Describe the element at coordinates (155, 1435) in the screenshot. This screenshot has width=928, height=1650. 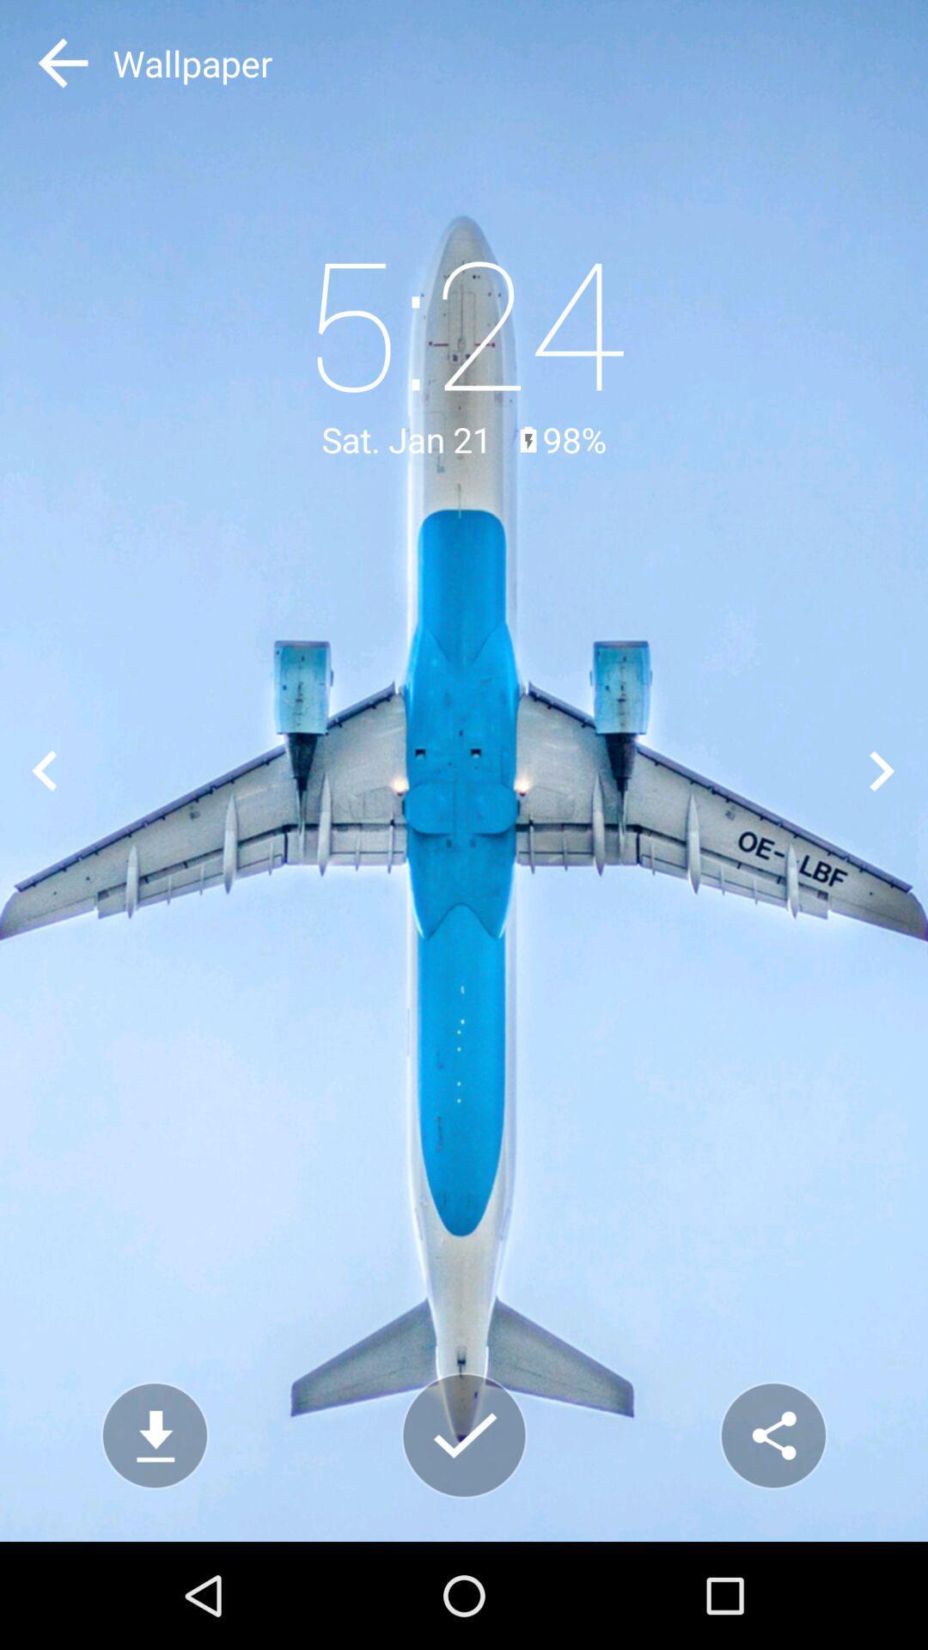
I see `down load option` at that location.